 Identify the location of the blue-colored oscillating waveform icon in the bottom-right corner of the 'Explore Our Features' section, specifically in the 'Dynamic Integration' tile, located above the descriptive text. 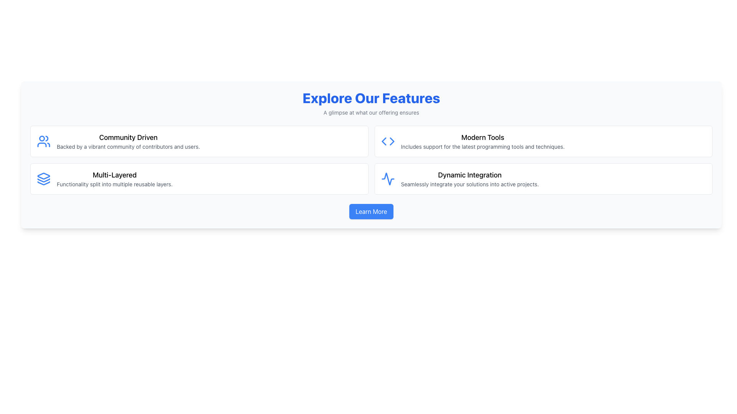
(388, 179).